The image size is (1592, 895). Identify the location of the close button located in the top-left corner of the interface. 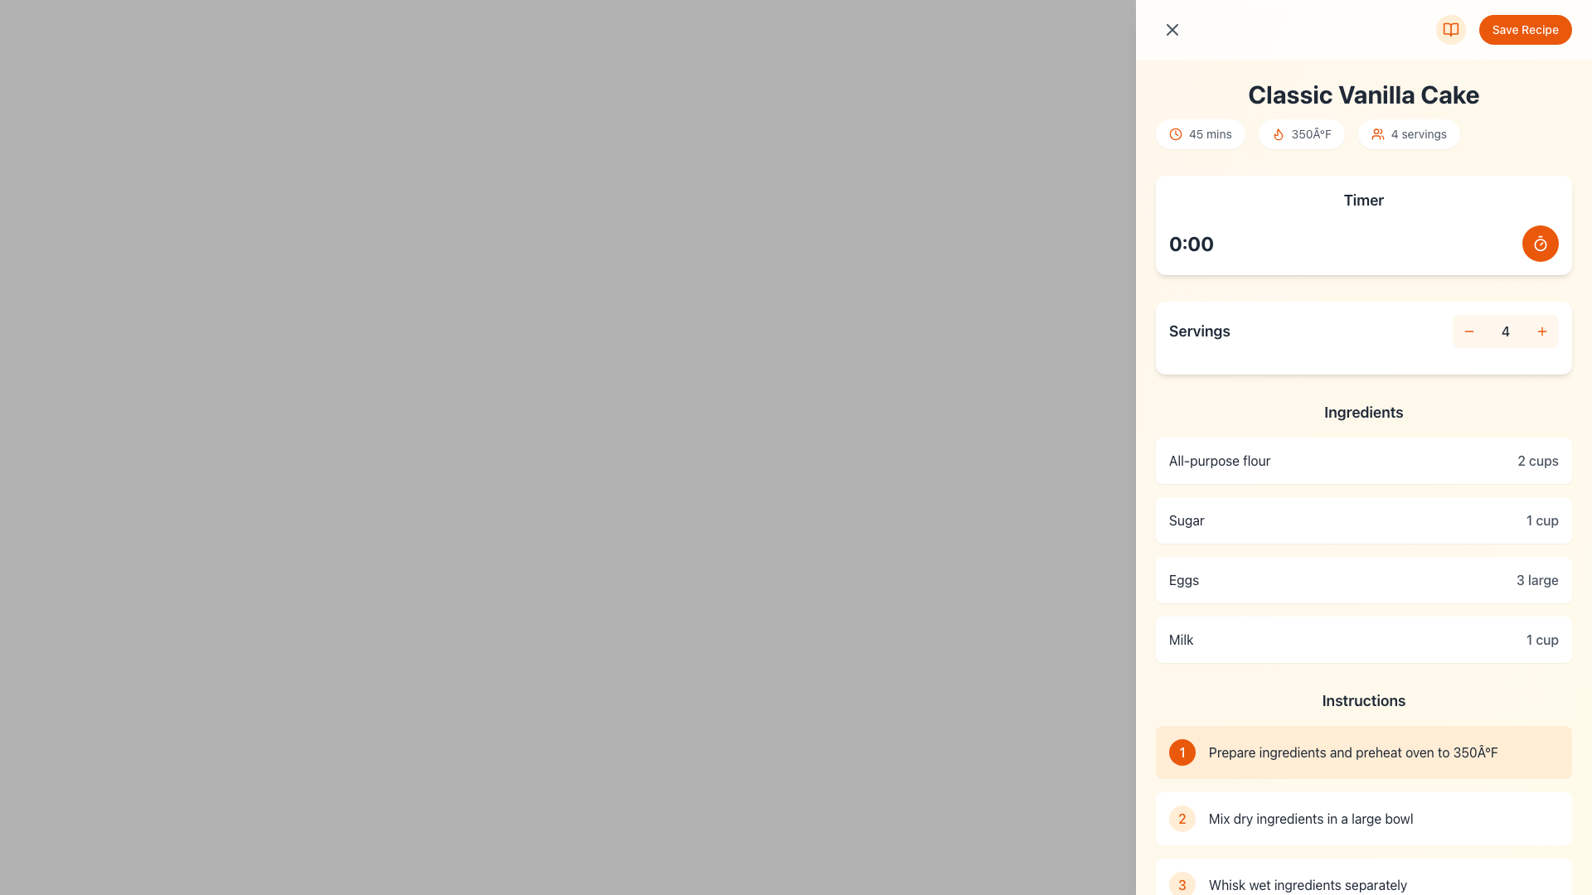
(1172, 29).